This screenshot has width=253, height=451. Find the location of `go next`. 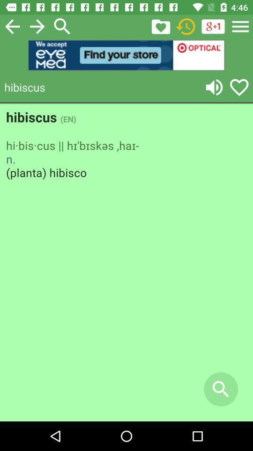

go next is located at coordinates (37, 26).